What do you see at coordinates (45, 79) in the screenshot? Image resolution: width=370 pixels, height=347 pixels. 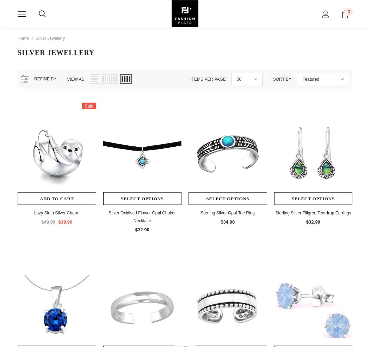 I see `'Refine by'` at bounding box center [45, 79].